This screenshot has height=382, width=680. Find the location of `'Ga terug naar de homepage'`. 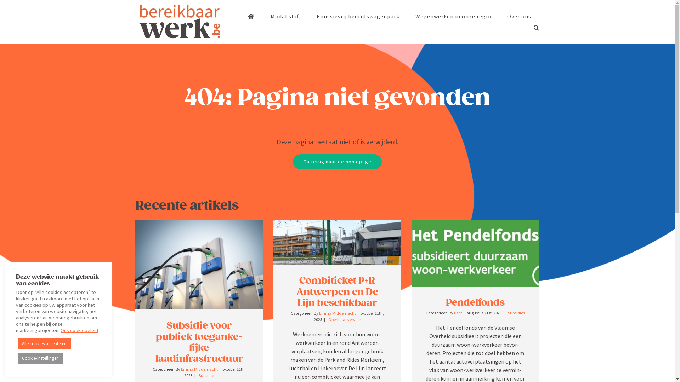

'Ga terug naar de homepage' is located at coordinates (337, 162).